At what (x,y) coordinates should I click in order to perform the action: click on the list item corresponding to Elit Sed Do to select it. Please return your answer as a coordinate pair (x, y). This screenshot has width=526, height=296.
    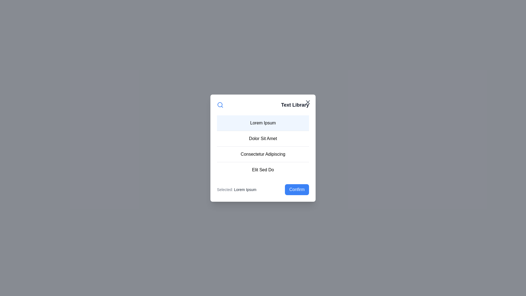
    Looking at the image, I should click on (263, 169).